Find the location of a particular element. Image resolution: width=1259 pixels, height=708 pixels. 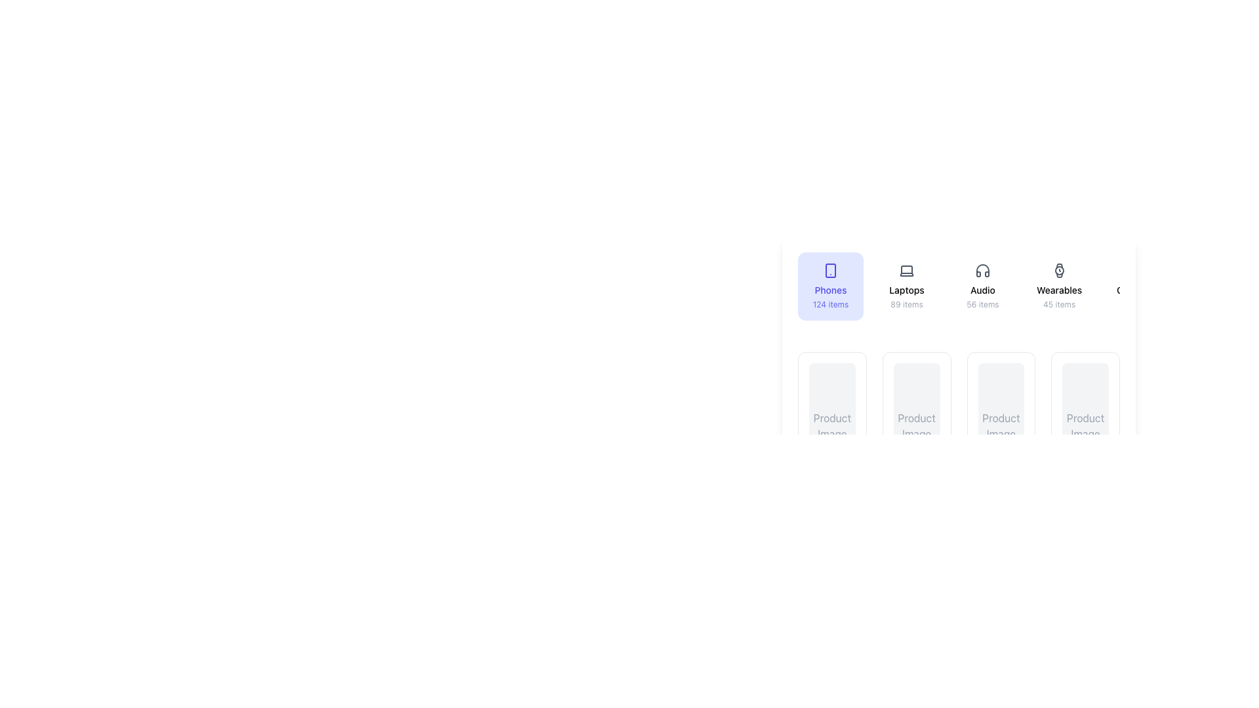

the 'Laptops' category icon within the navigation bar, which is the second graphic representing laptops, located centrally in the navigation bar near the top of the interface is located at coordinates (906, 269).